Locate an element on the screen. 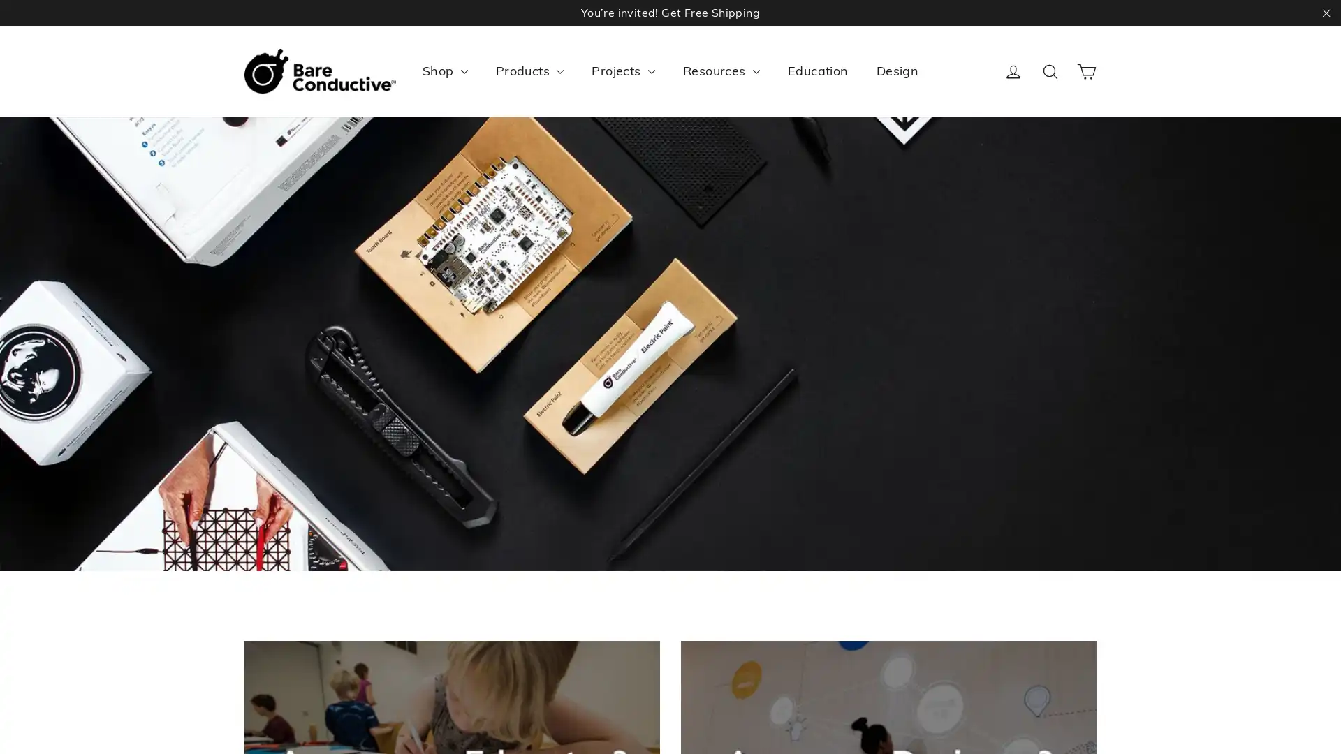  Subscribe is located at coordinates (765, 403).